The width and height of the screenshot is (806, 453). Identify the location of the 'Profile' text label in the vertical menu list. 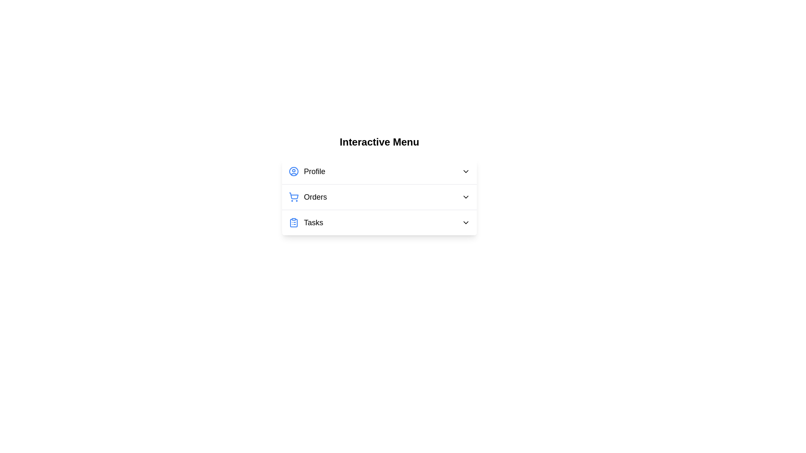
(314, 171).